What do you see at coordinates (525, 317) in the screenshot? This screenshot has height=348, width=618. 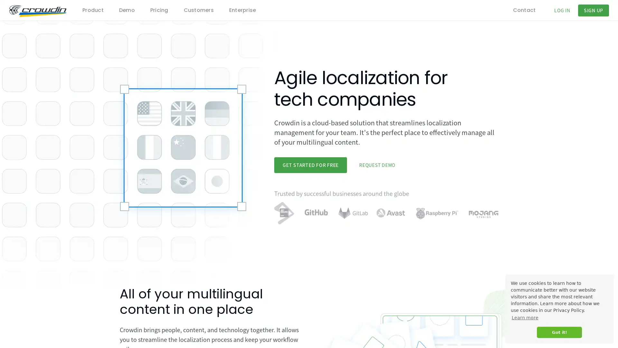 I see `learn more about cookies` at bounding box center [525, 317].